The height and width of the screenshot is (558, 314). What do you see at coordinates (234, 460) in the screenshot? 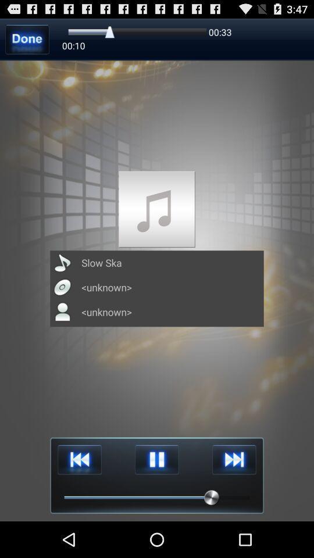
I see `next item` at bounding box center [234, 460].